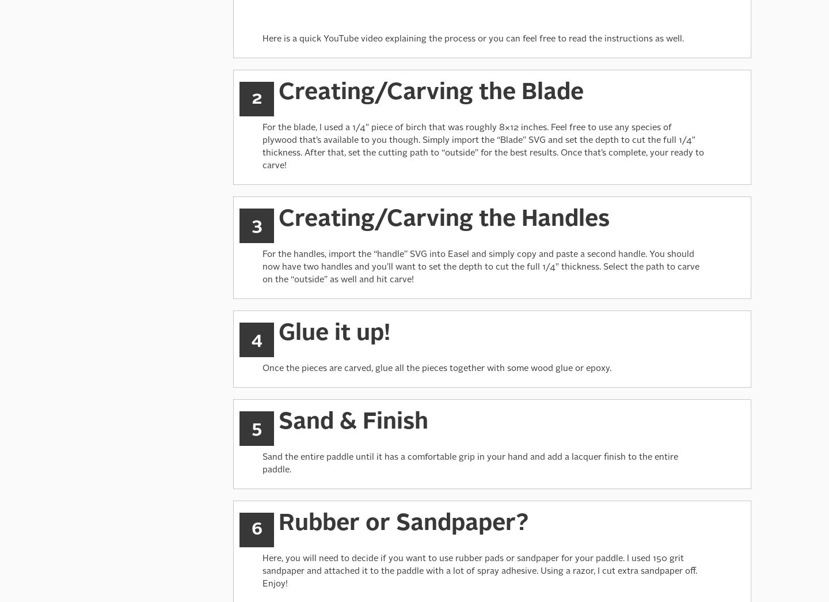 The image size is (829, 602). I want to click on 'Glue it up!', so click(334, 334).